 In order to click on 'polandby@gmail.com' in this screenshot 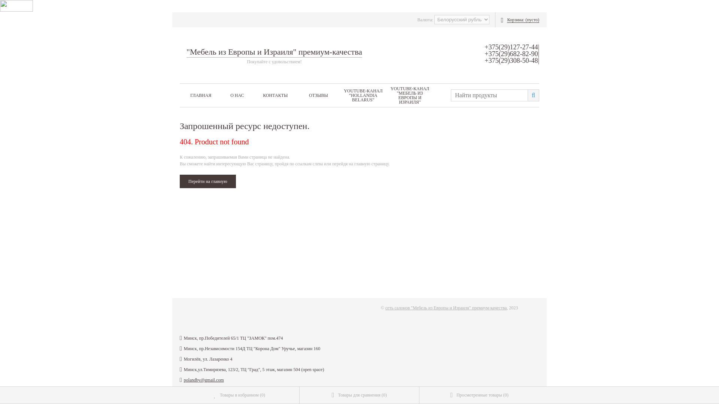, I will do `click(204, 380)`.